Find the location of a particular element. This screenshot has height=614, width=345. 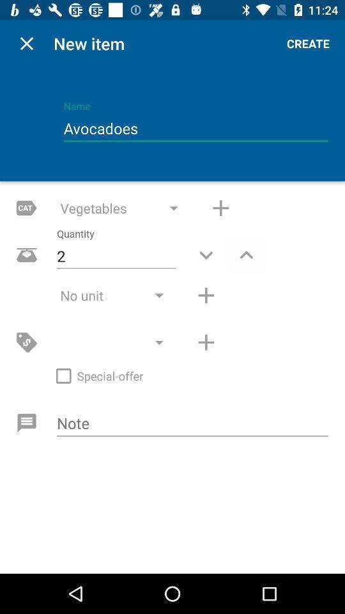

reduce quantity is located at coordinates (206, 254).